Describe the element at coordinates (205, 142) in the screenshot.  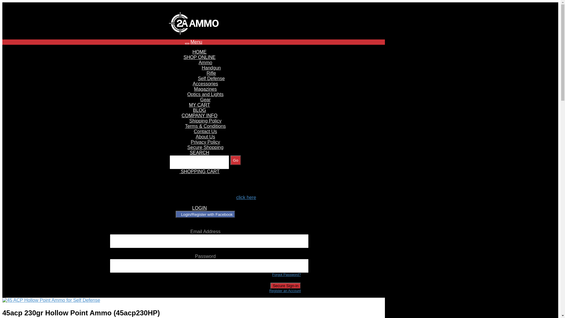
I see `'Privacy Policy'` at that location.